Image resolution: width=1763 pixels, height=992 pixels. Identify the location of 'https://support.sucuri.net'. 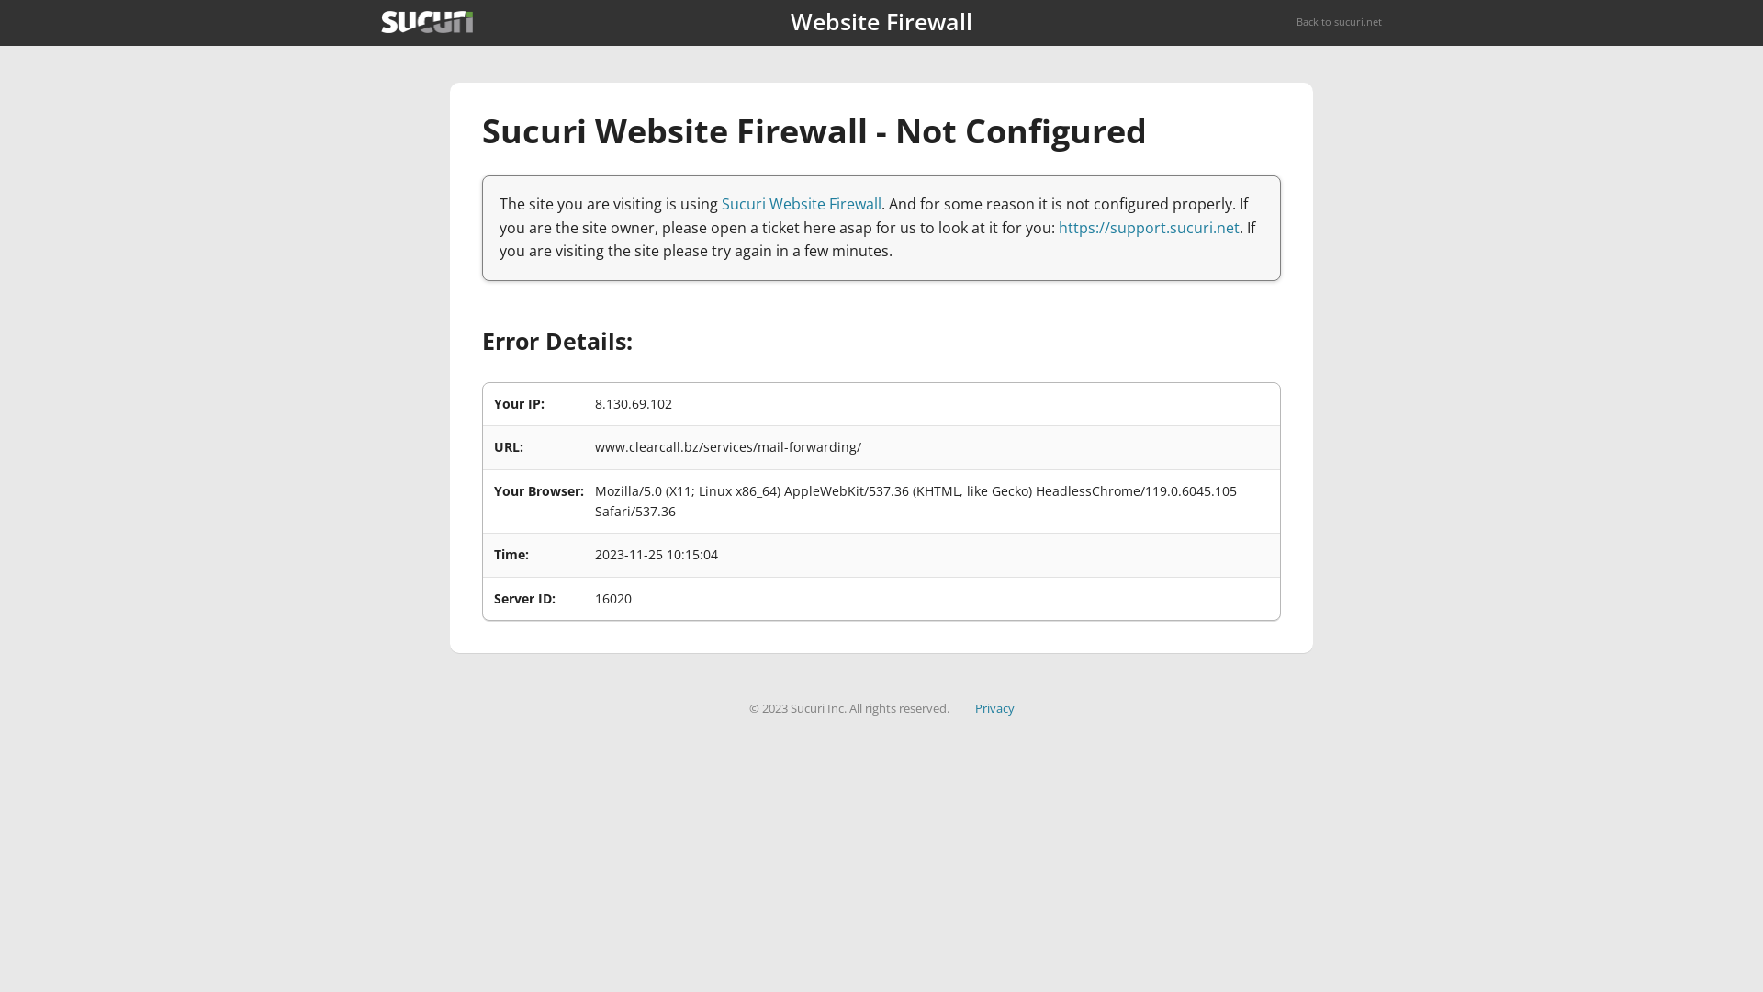
(1148, 226).